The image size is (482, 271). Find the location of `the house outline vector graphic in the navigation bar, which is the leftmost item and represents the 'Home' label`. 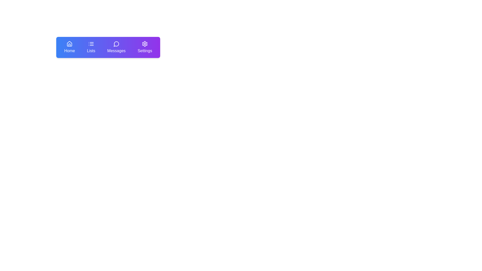

the house outline vector graphic in the navigation bar, which is the leftmost item and represents the 'Home' label is located at coordinates (69, 43).